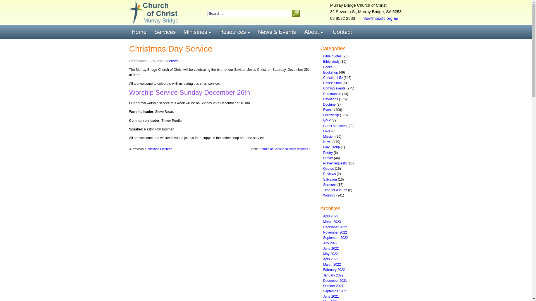 The image size is (536, 301). I want to click on 'July 2022', so click(330, 242).